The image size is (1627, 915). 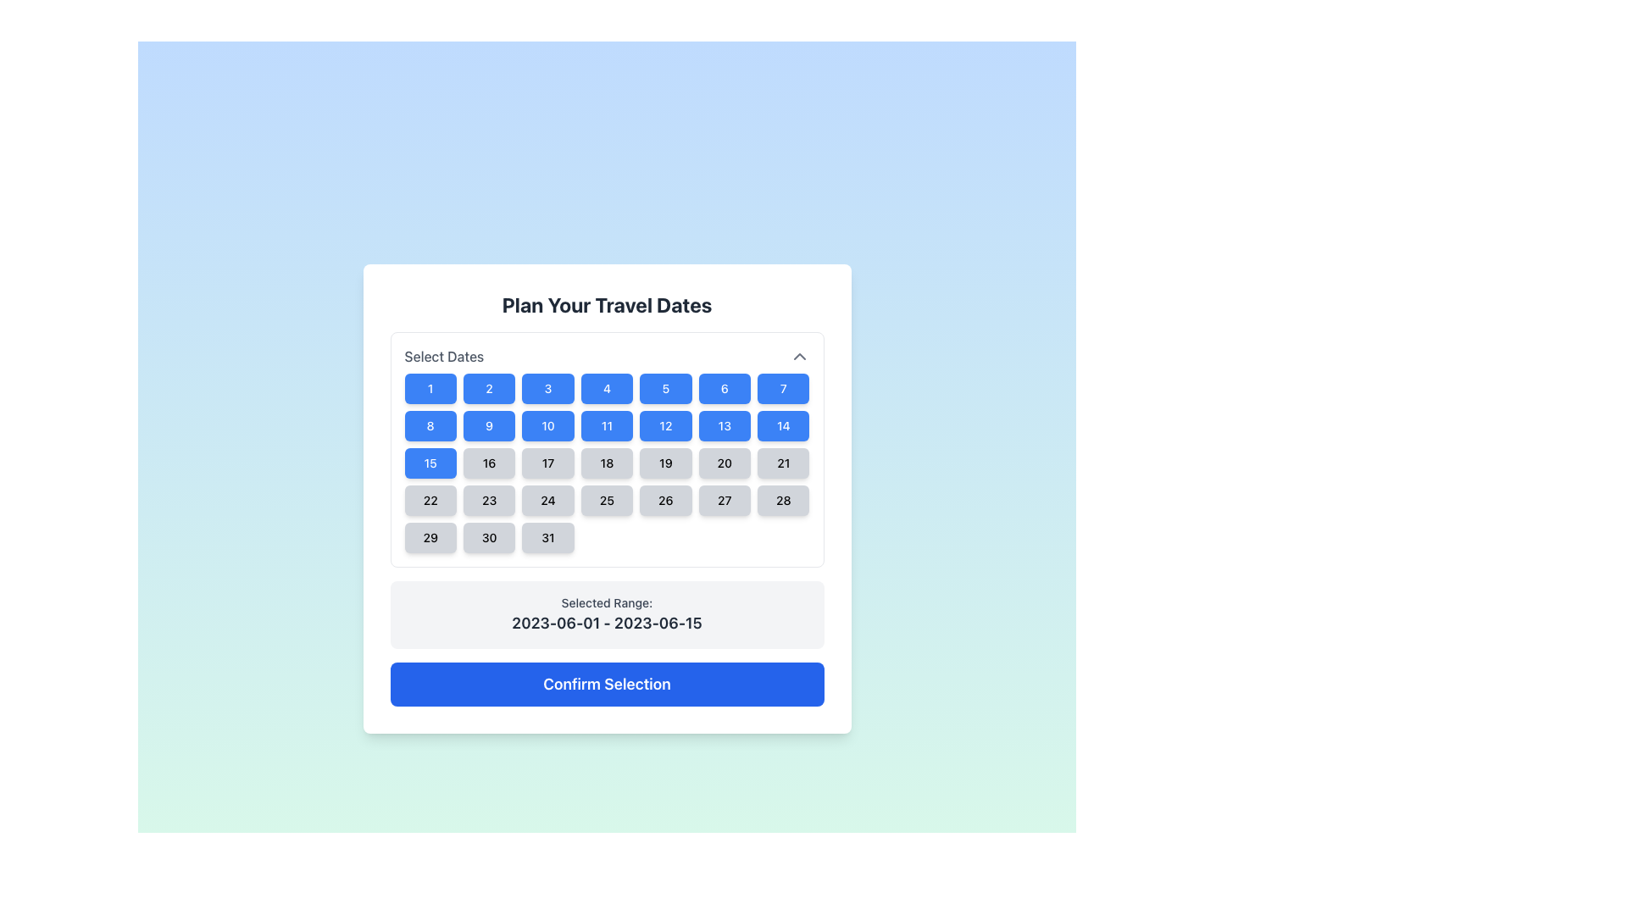 What do you see at coordinates (725, 389) in the screenshot?
I see `the sixth button` at bounding box center [725, 389].